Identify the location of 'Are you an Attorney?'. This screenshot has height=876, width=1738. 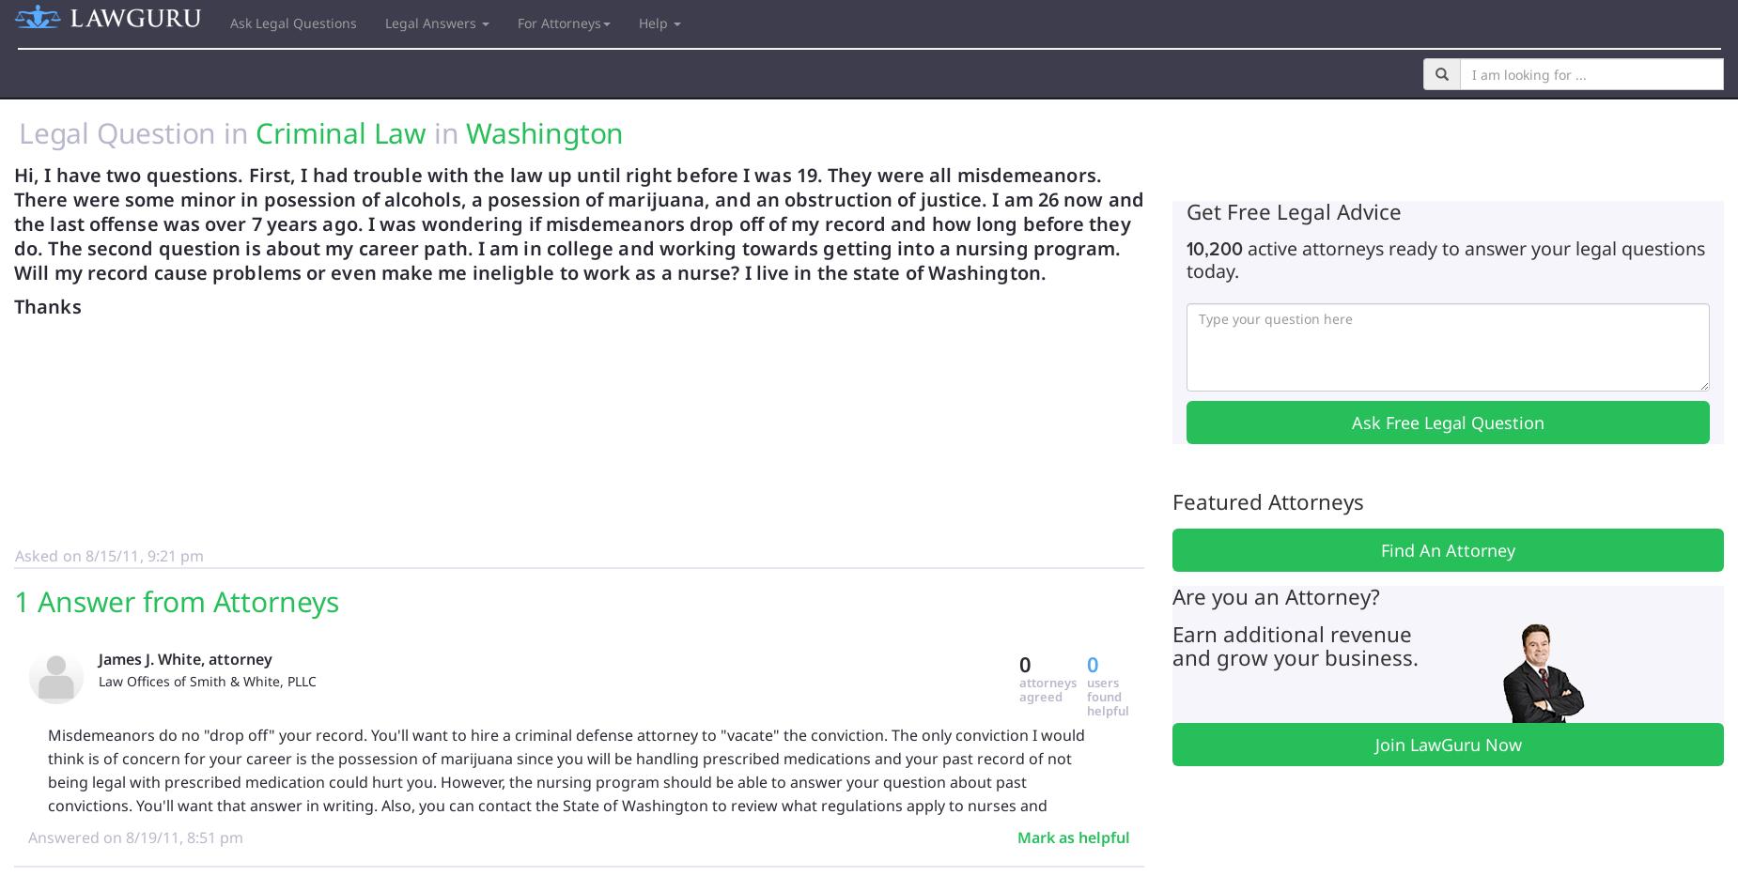
(1172, 594).